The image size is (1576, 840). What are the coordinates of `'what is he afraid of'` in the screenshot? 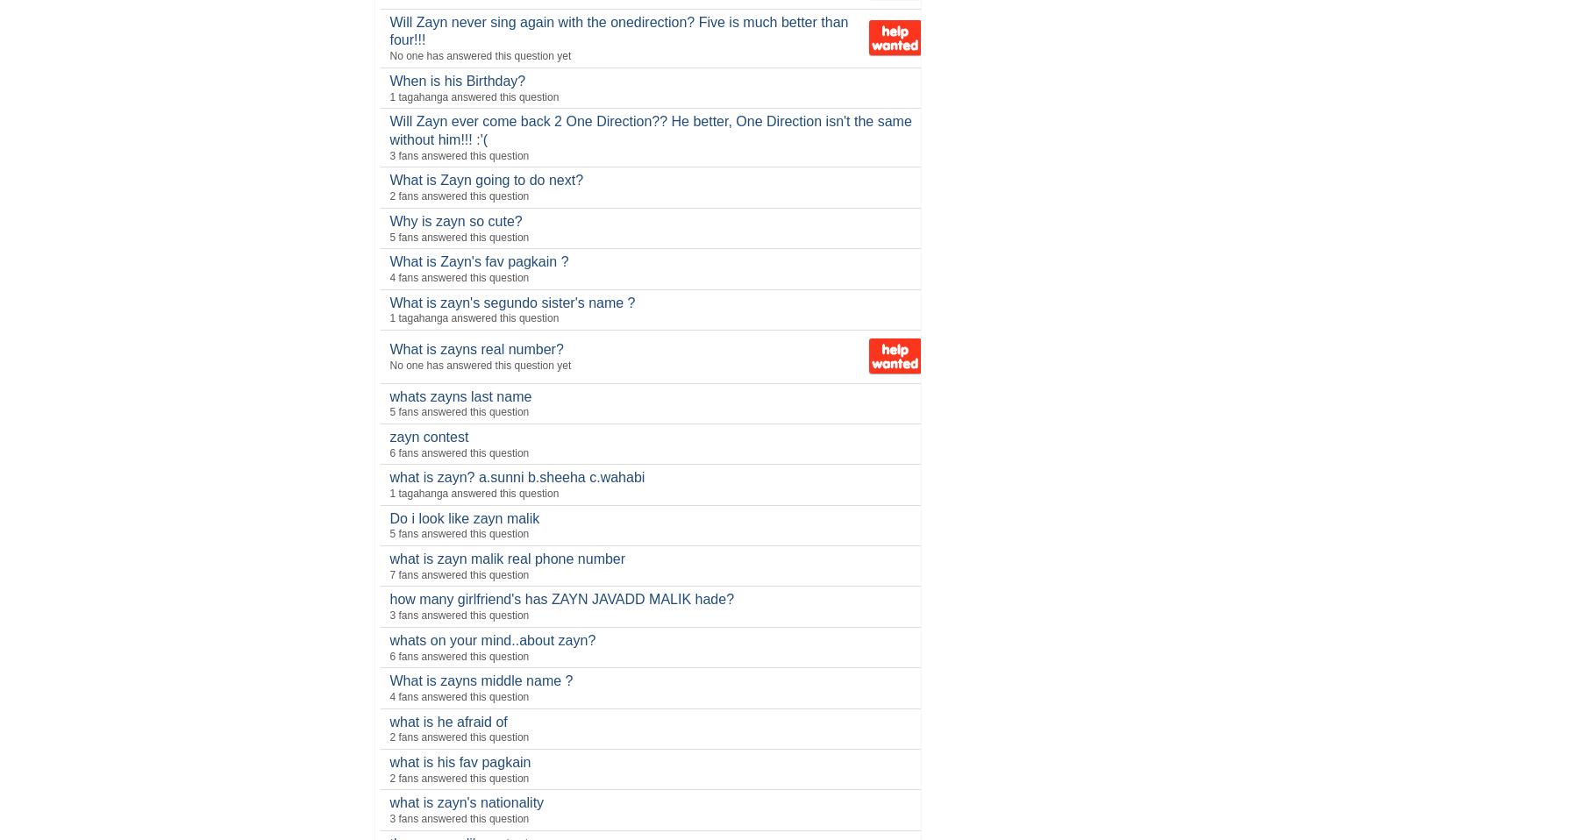 It's located at (447, 720).